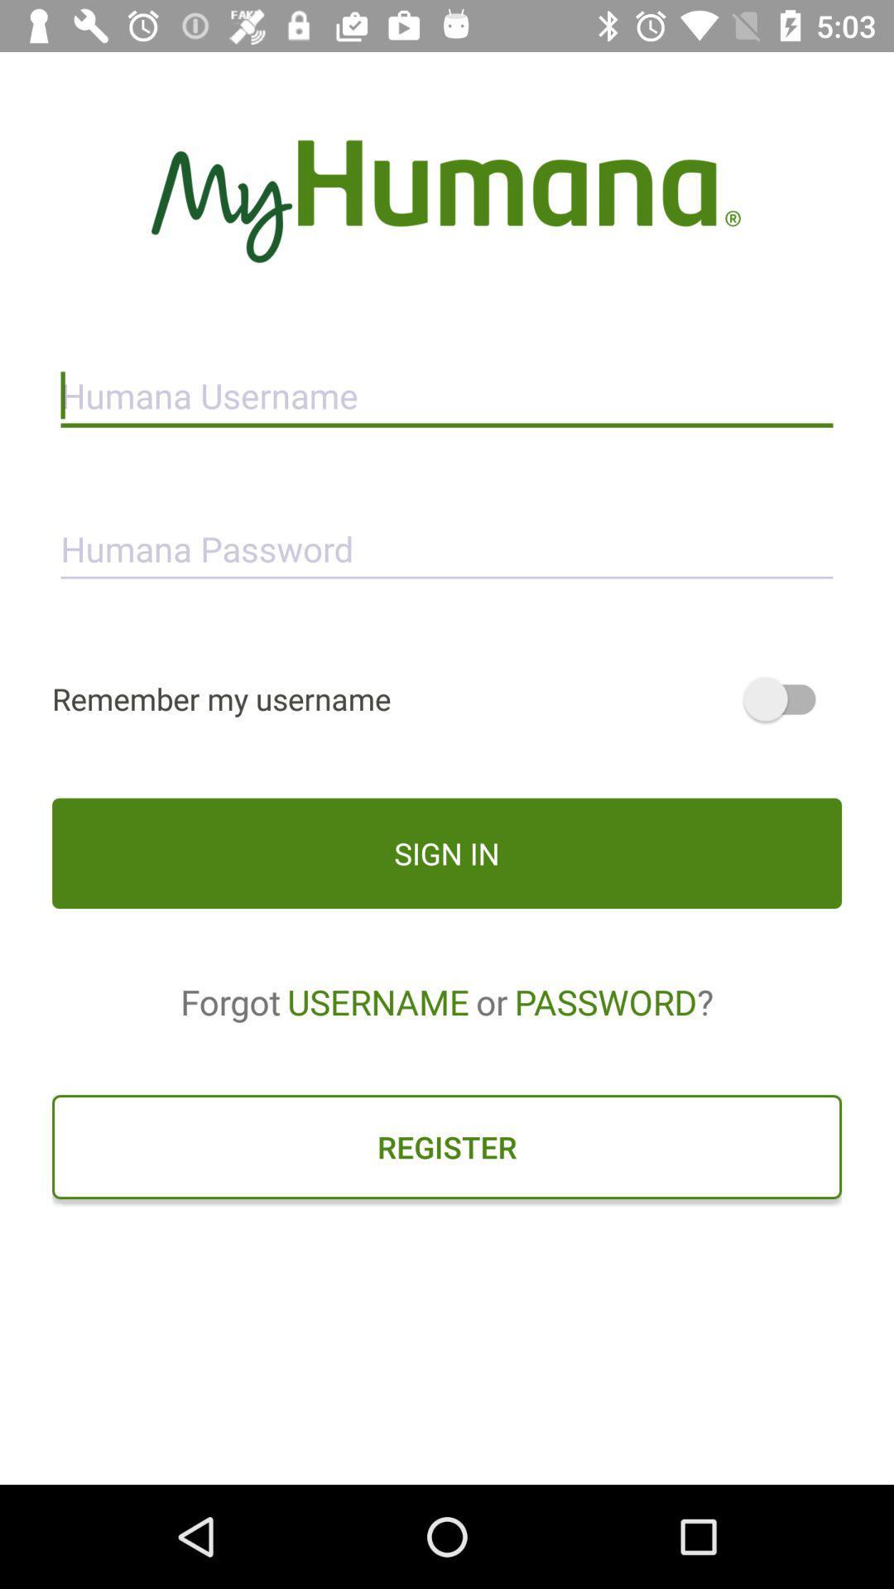 The image size is (894, 1589). What do you see at coordinates (447, 1146) in the screenshot?
I see `register` at bounding box center [447, 1146].